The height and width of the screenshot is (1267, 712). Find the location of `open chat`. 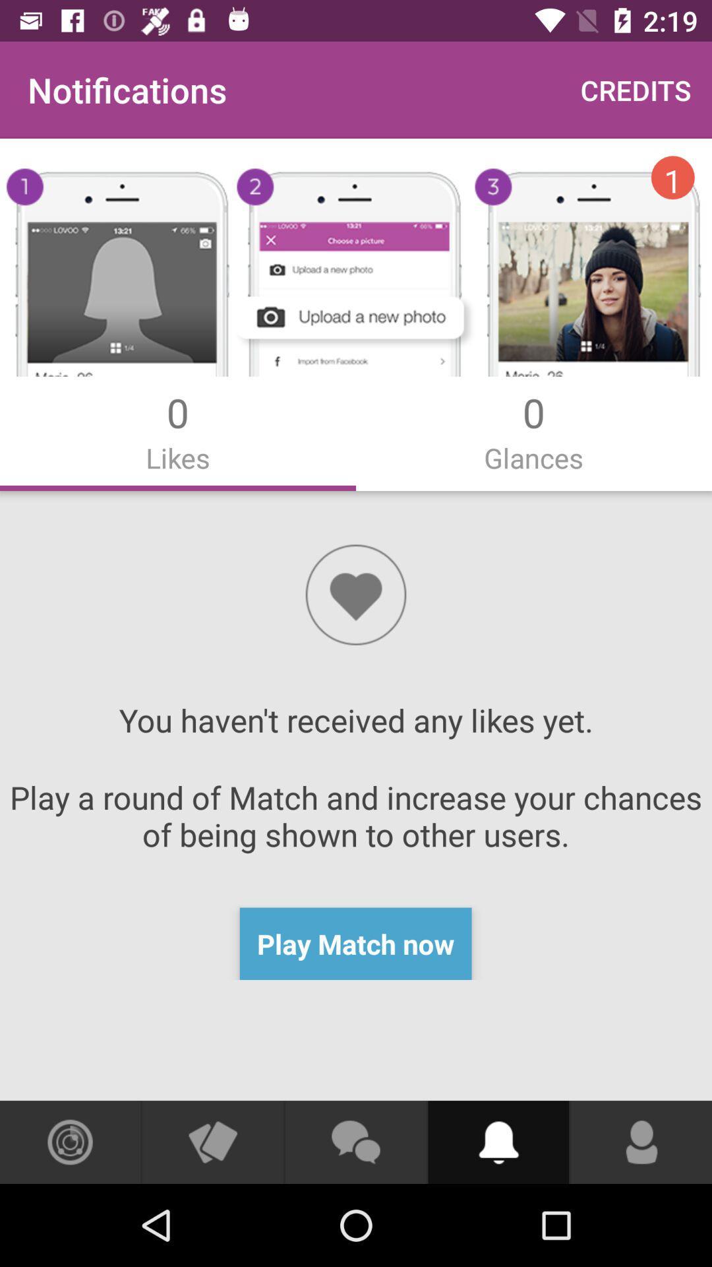

open chat is located at coordinates (355, 1142).